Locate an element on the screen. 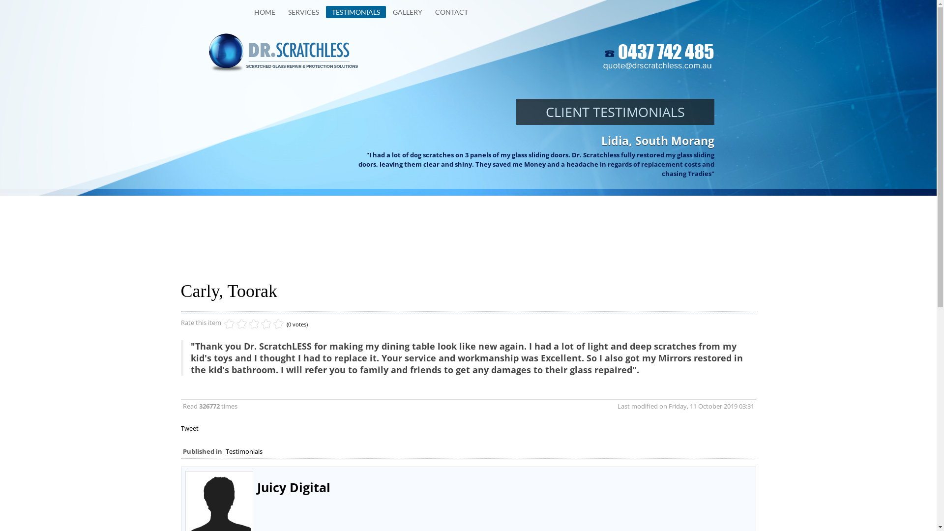 The image size is (944, 531). '1' is located at coordinates (229, 324).